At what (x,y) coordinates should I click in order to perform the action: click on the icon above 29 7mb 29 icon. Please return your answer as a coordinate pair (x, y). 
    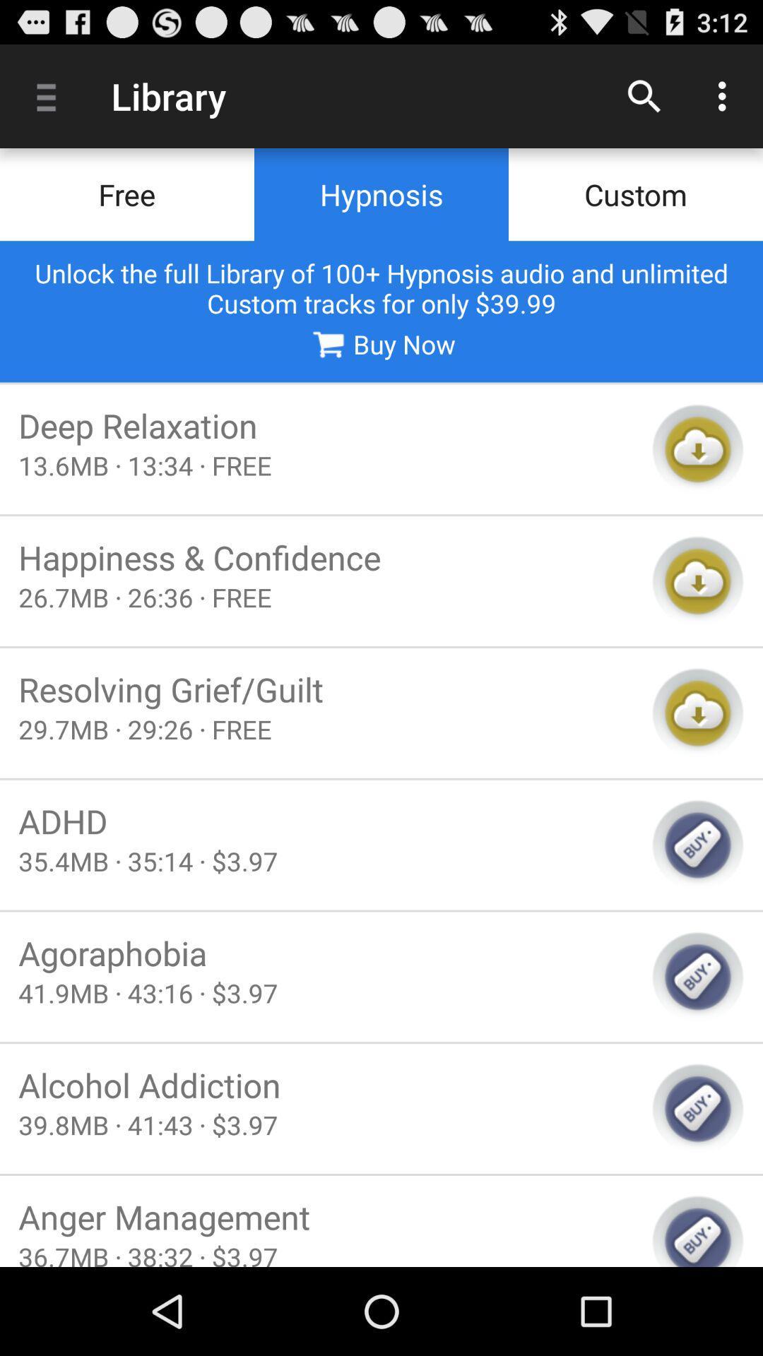
    Looking at the image, I should click on (326, 689).